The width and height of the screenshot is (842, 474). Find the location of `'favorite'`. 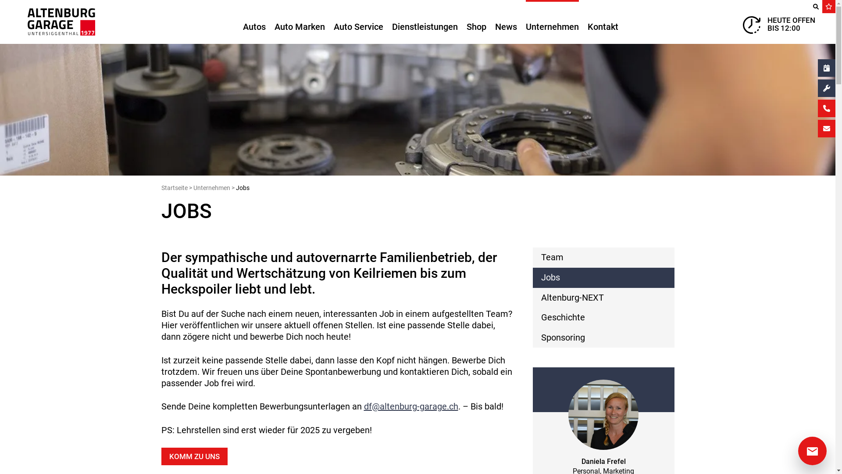

'favorite' is located at coordinates (822, 7).